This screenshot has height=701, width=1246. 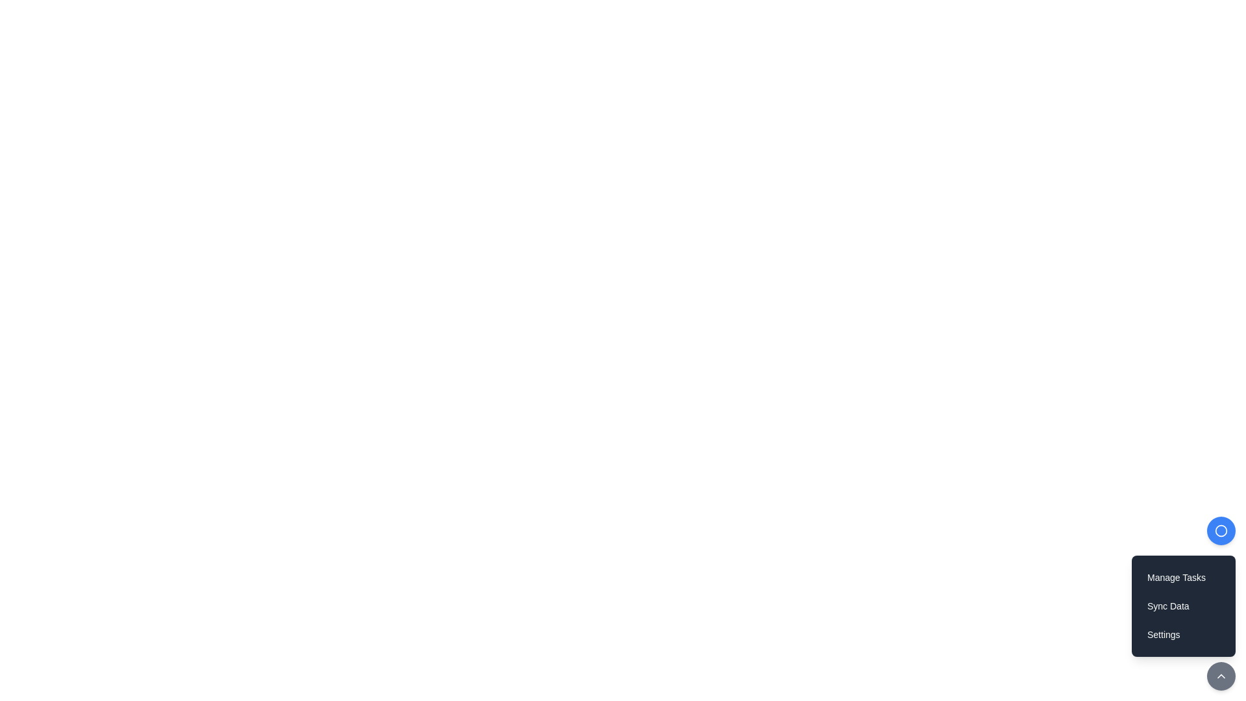 What do you see at coordinates (1220, 530) in the screenshot?
I see `the circular button with a blue background and white border` at bounding box center [1220, 530].